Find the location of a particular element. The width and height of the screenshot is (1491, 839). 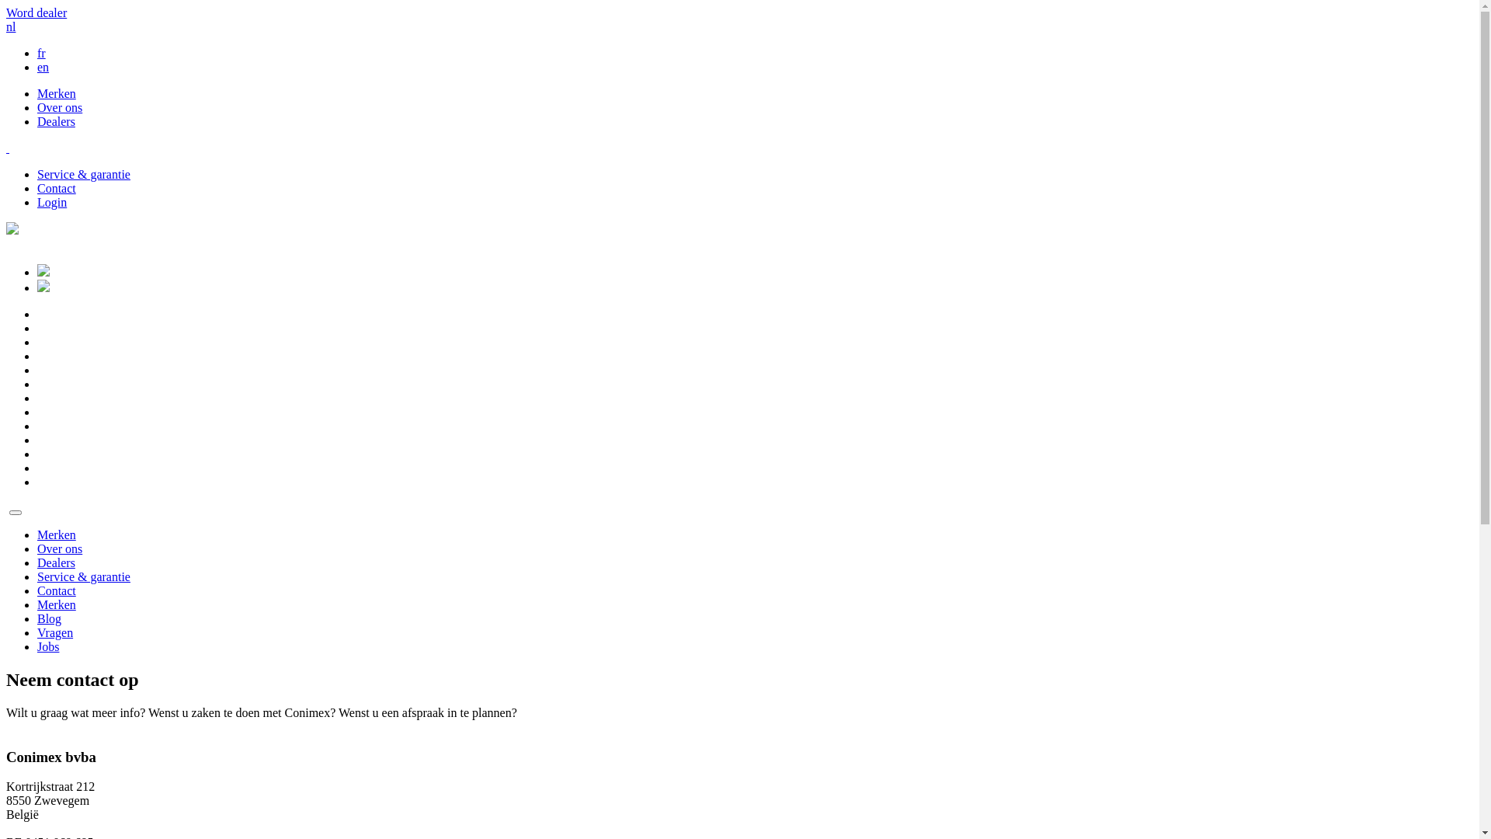

'en' is located at coordinates (43, 66).